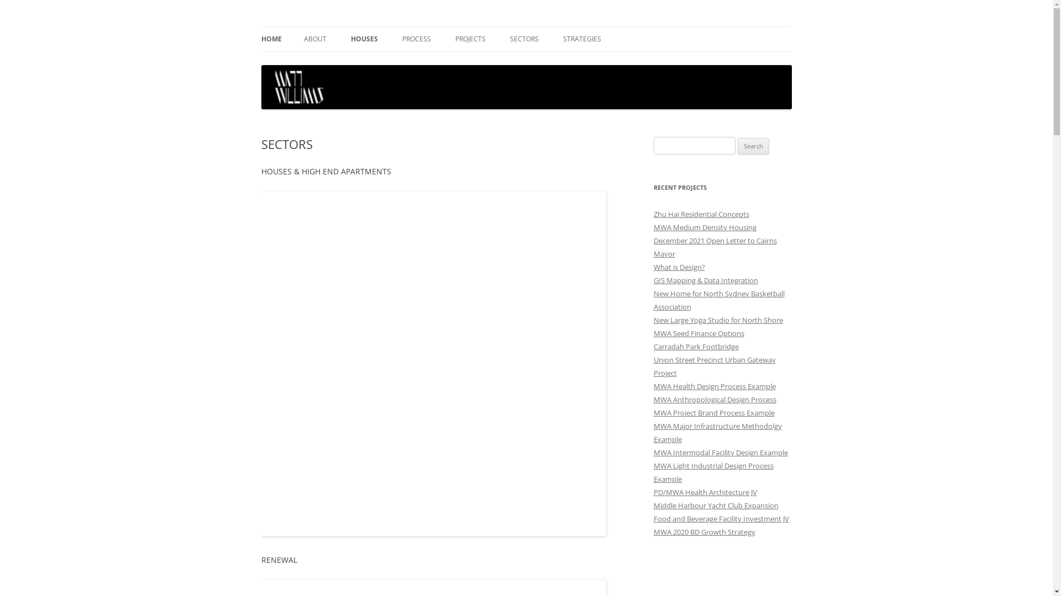 This screenshot has width=1061, height=596. I want to click on 'MWA Major Infrastructure Methodolgy Example', so click(717, 432).